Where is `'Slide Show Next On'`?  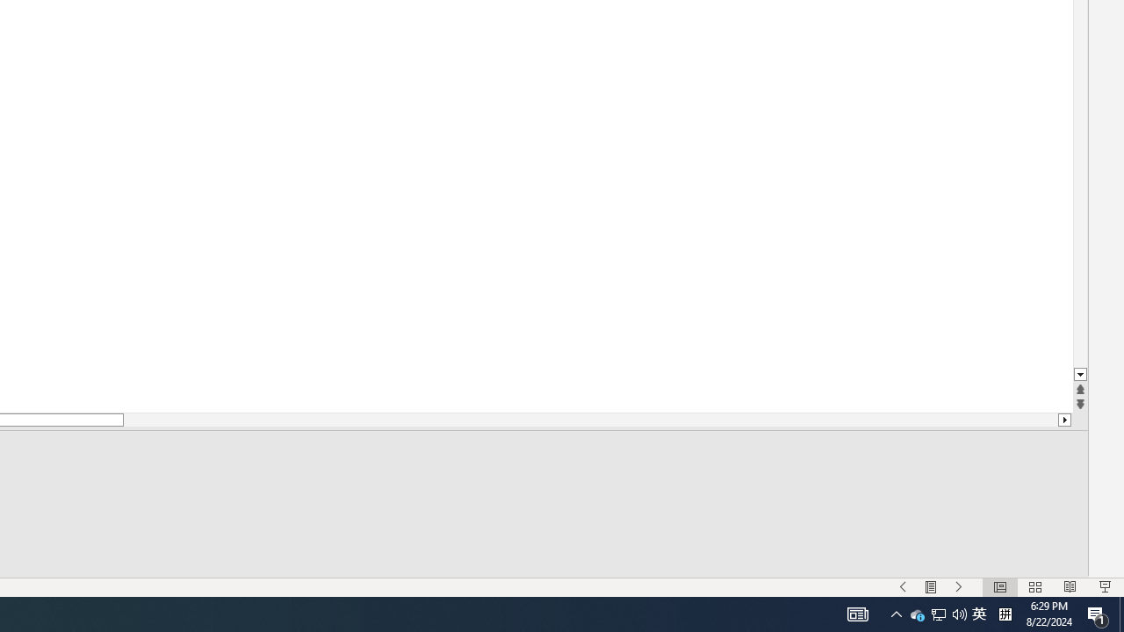 'Slide Show Next On' is located at coordinates (958, 587).